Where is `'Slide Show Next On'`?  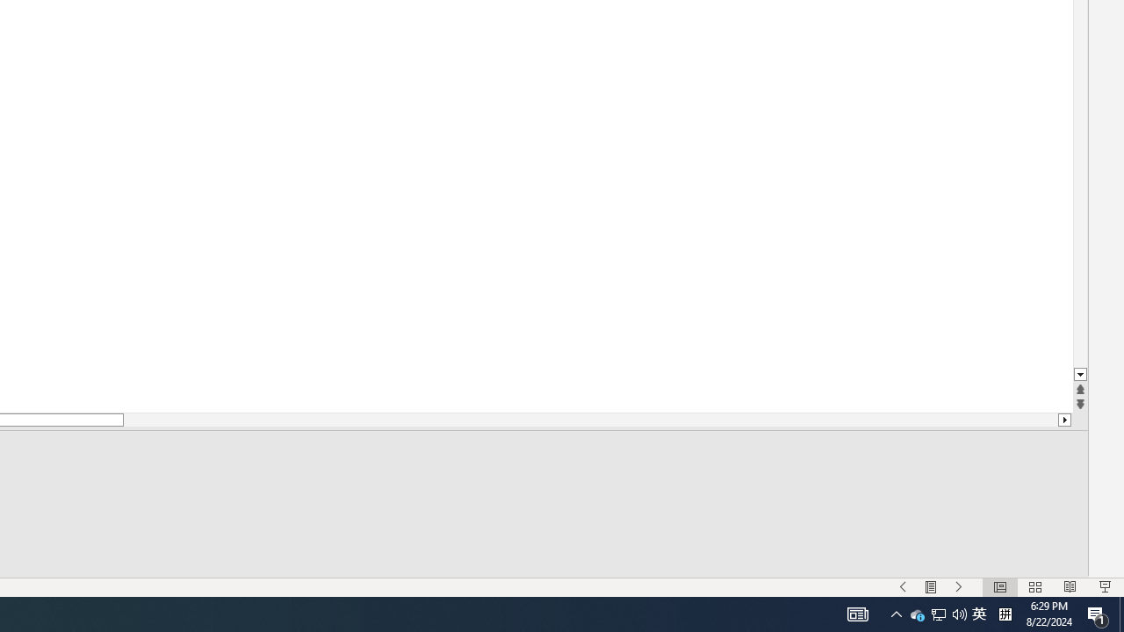 'Slide Show Next On' is located at coordinates (958, 587).